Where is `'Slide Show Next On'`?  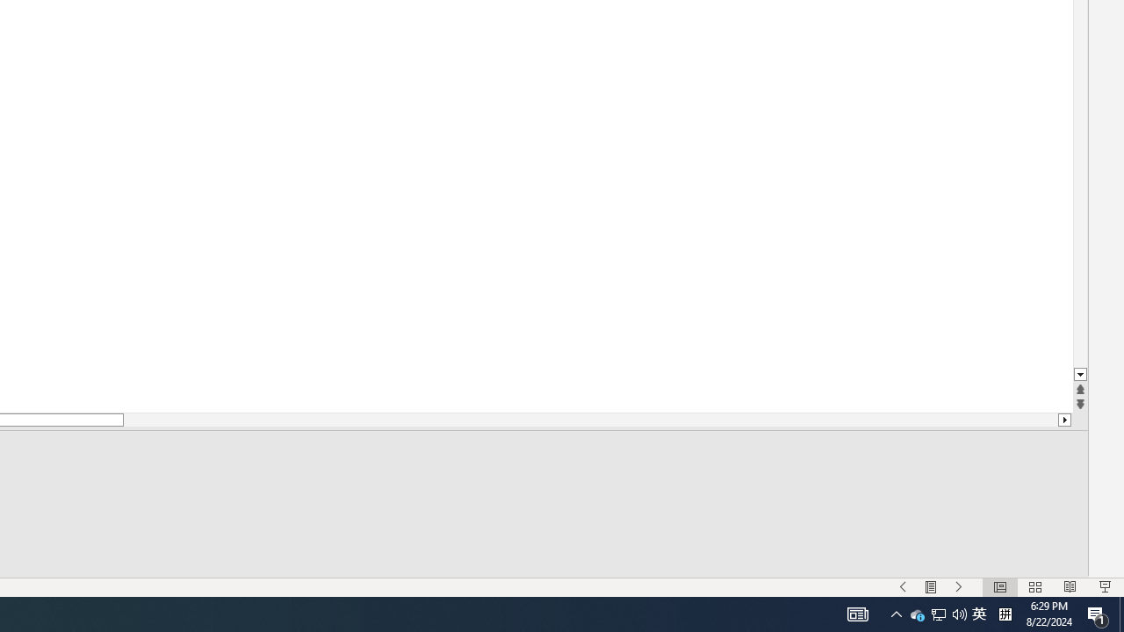 'Slide Show Next On' is located at coordinates (958, 587).